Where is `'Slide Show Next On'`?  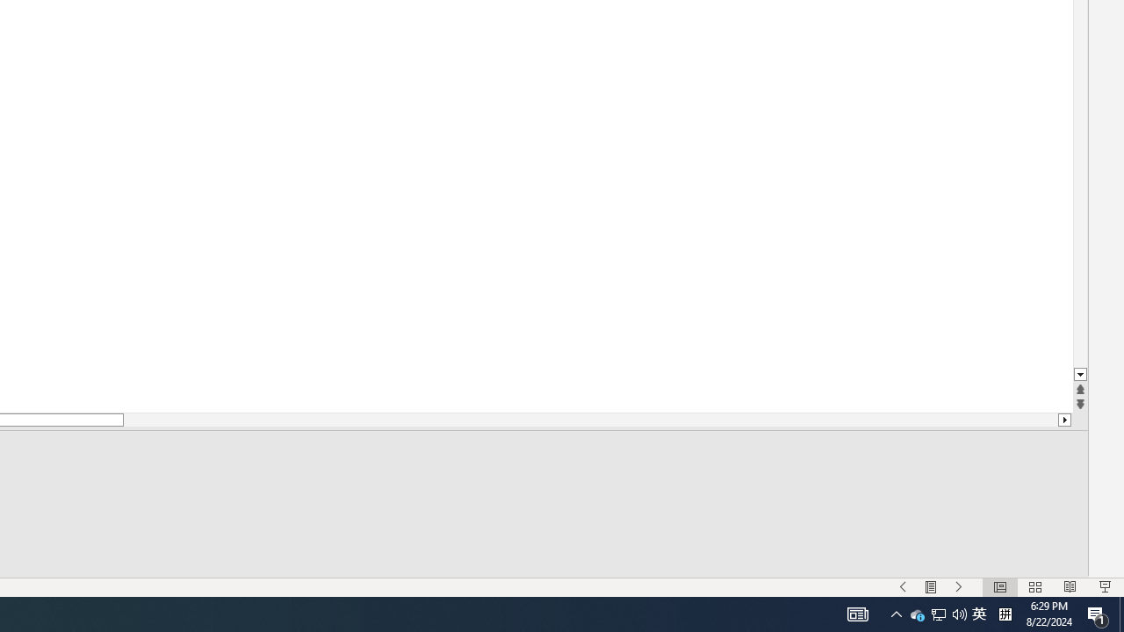 'Slide Show Next On' is located at coordinates (958, 587).